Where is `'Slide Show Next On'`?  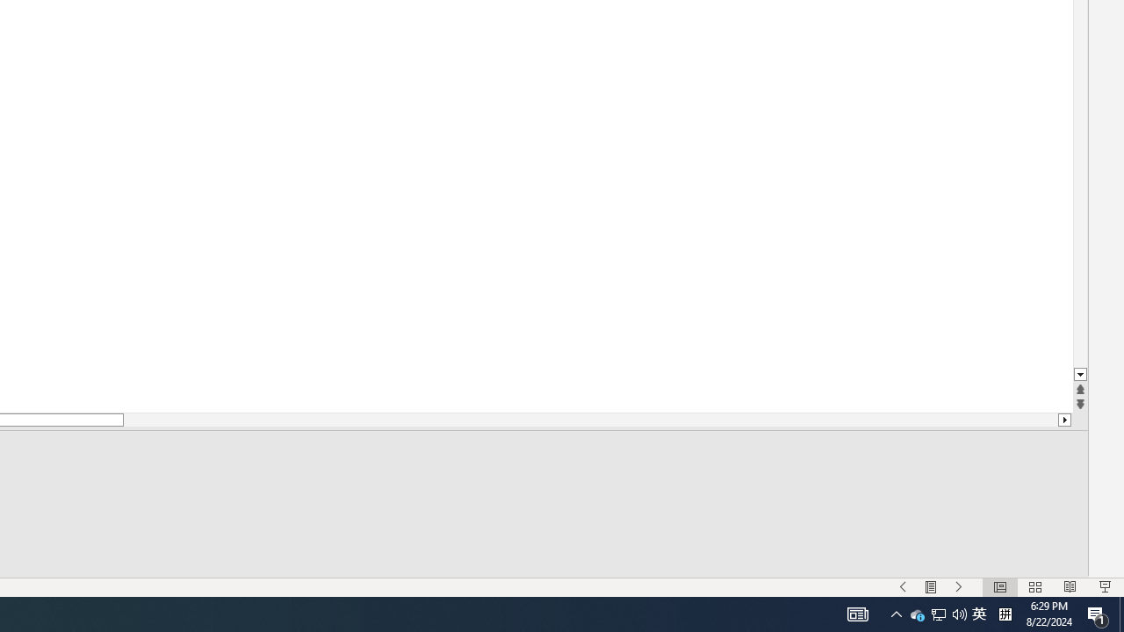 'Slide Show Next On' is located at coordinates (958, 587).